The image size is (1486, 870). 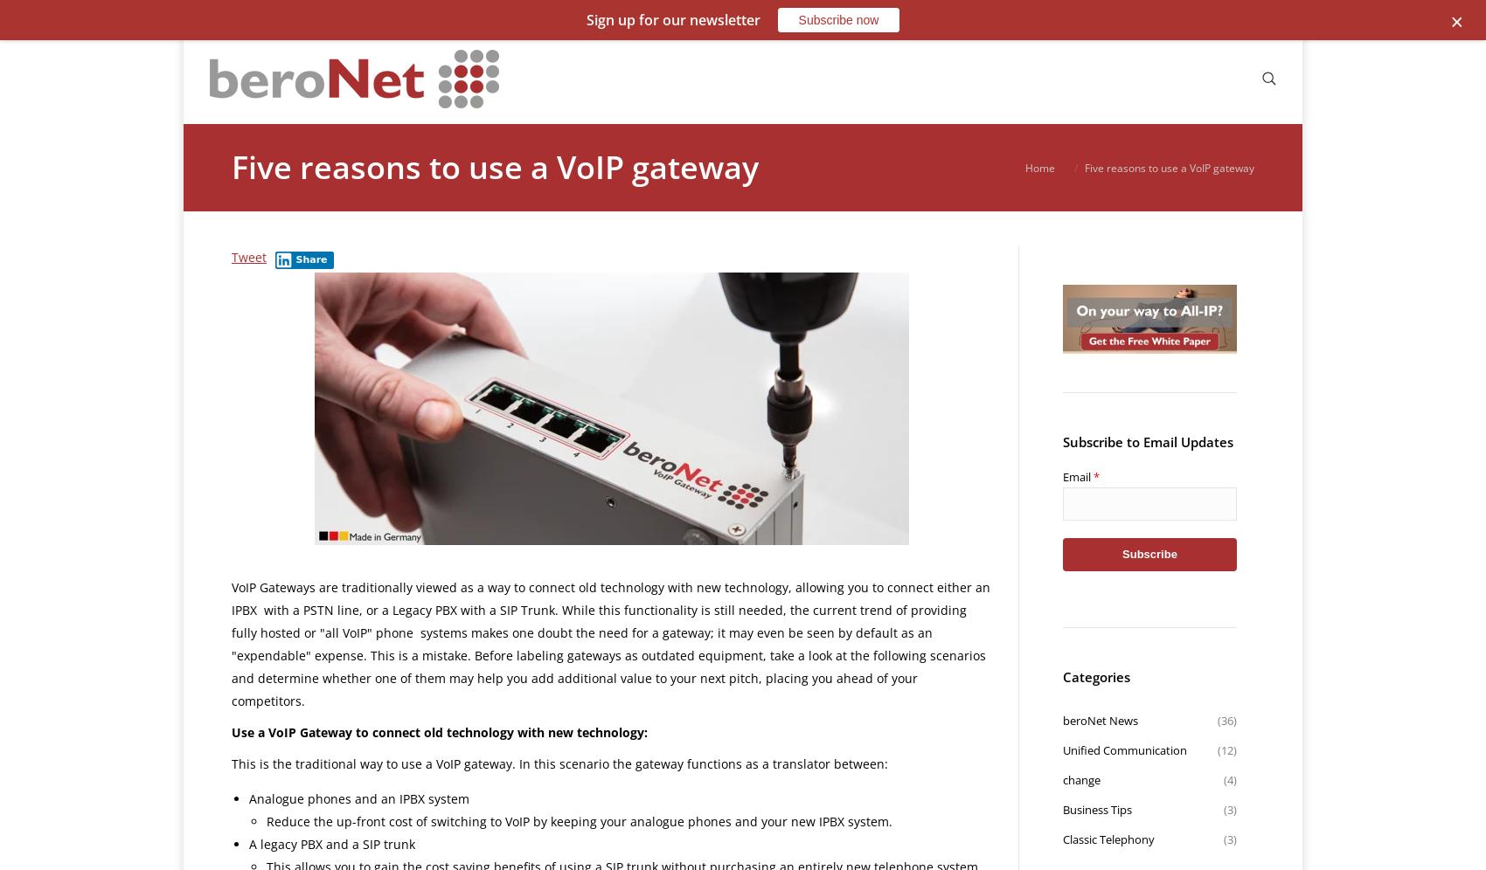 What do you see at coordinates (433, 798) in the screenshot?
I see `'IPBX system'` at bounding box center [433, 798].